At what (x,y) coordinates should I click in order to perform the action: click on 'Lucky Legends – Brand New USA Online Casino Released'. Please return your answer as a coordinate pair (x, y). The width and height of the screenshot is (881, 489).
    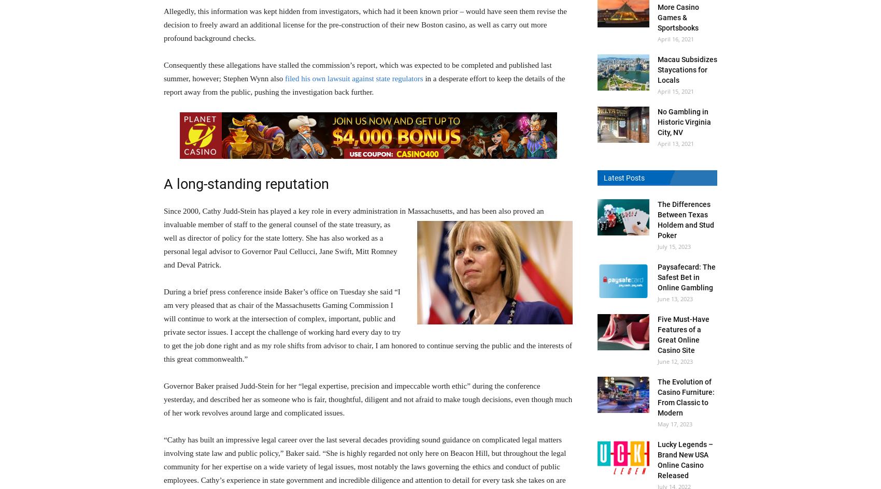
    Looking at the image, I should click on (657, 459).